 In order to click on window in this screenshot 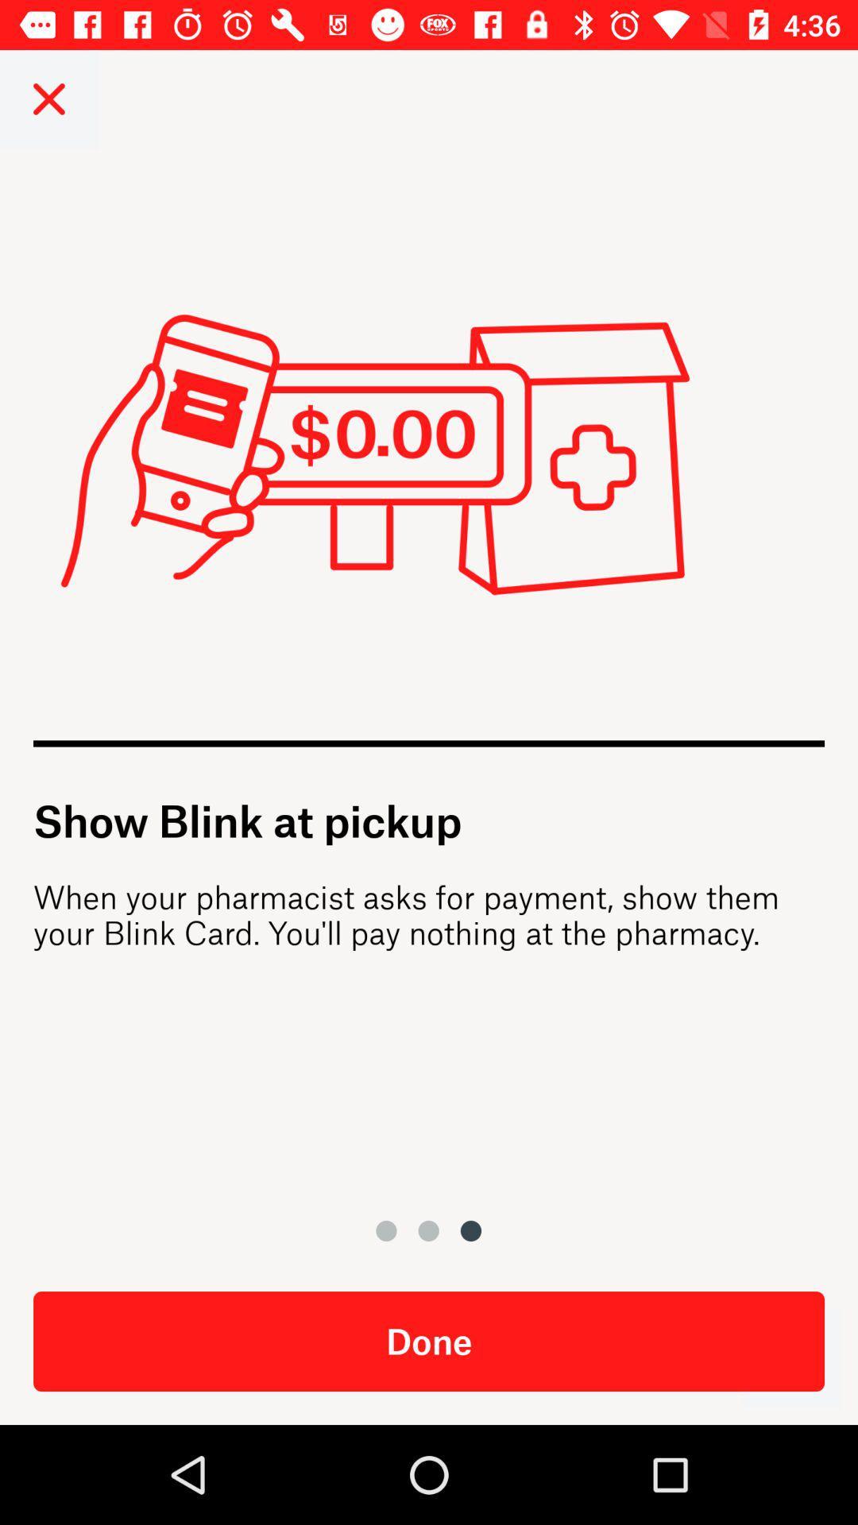, I will do `click(48, 98)`.